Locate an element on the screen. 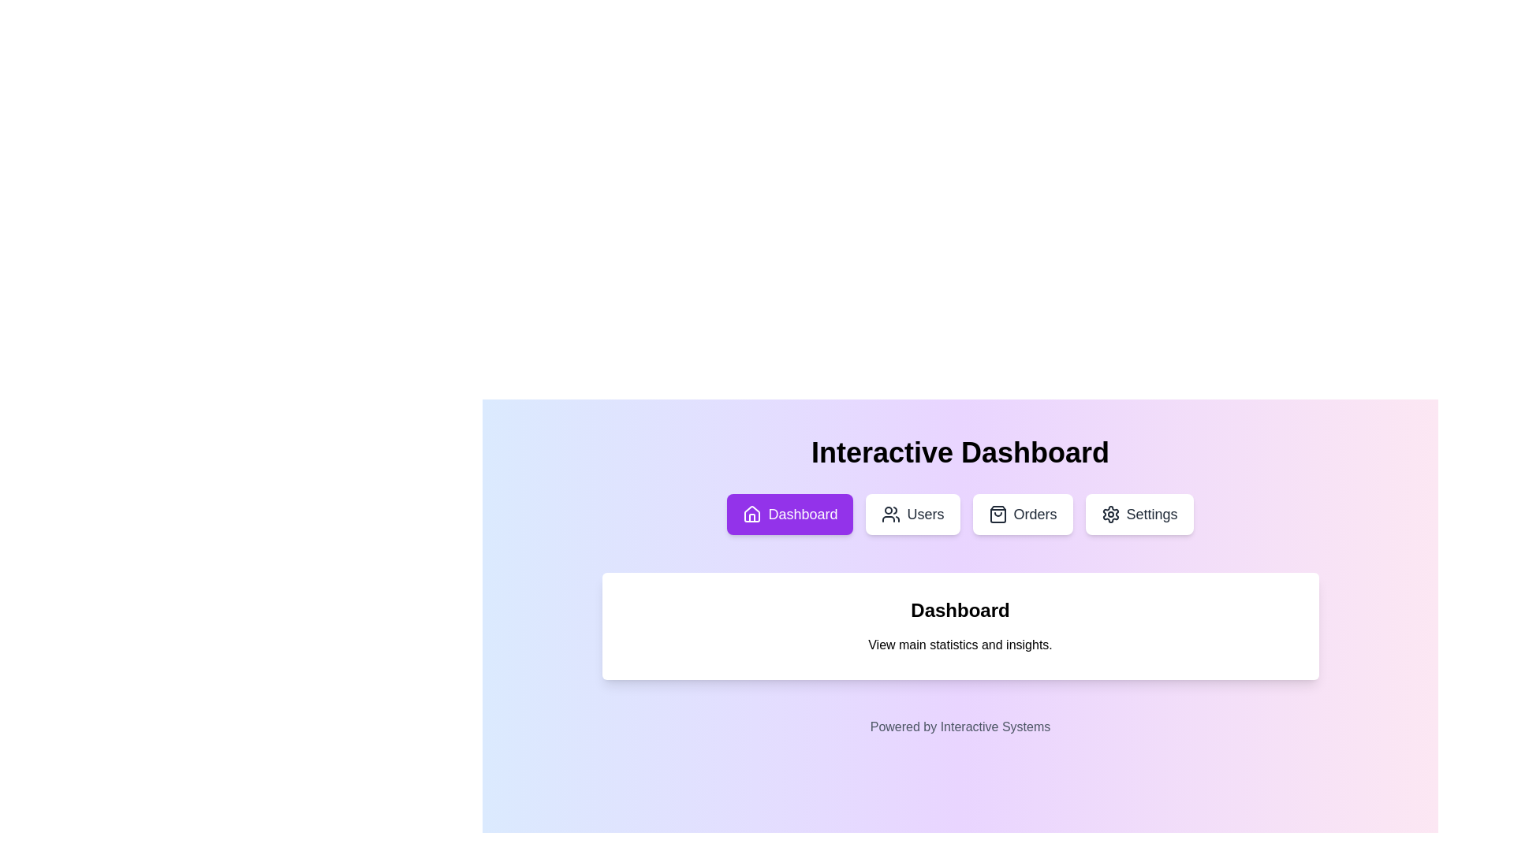 This screenshot has height=851, width=1514. the settings button, the fourth button in a horizontal row of four buttons is located at coordinates (1139, 514).